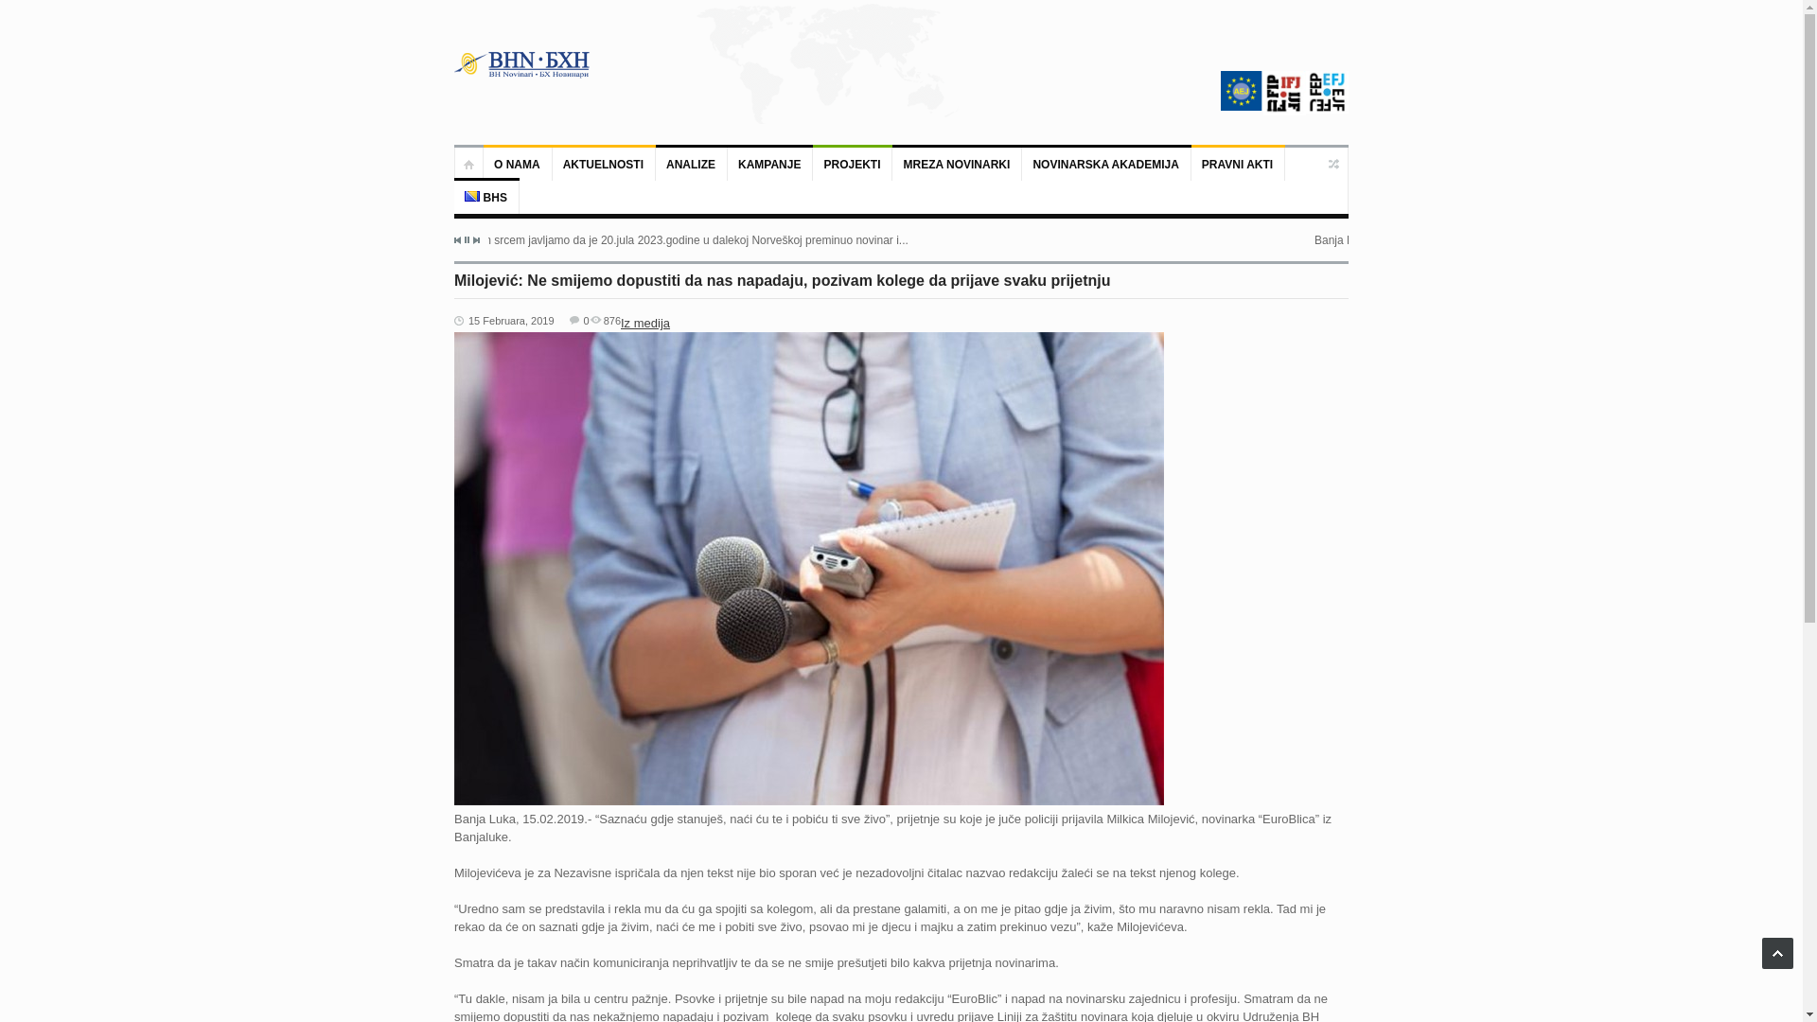  I want to click on 'BHS', so click(486, 197).